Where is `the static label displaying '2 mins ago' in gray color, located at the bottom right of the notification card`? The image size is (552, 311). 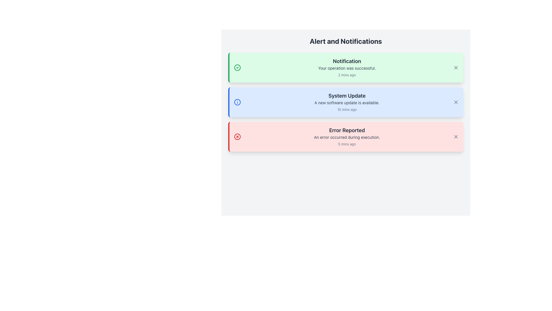 the static label displaying '2 mins ago' in gray color, located at the bottom right of the notification card is located at coordinates (346, 74).